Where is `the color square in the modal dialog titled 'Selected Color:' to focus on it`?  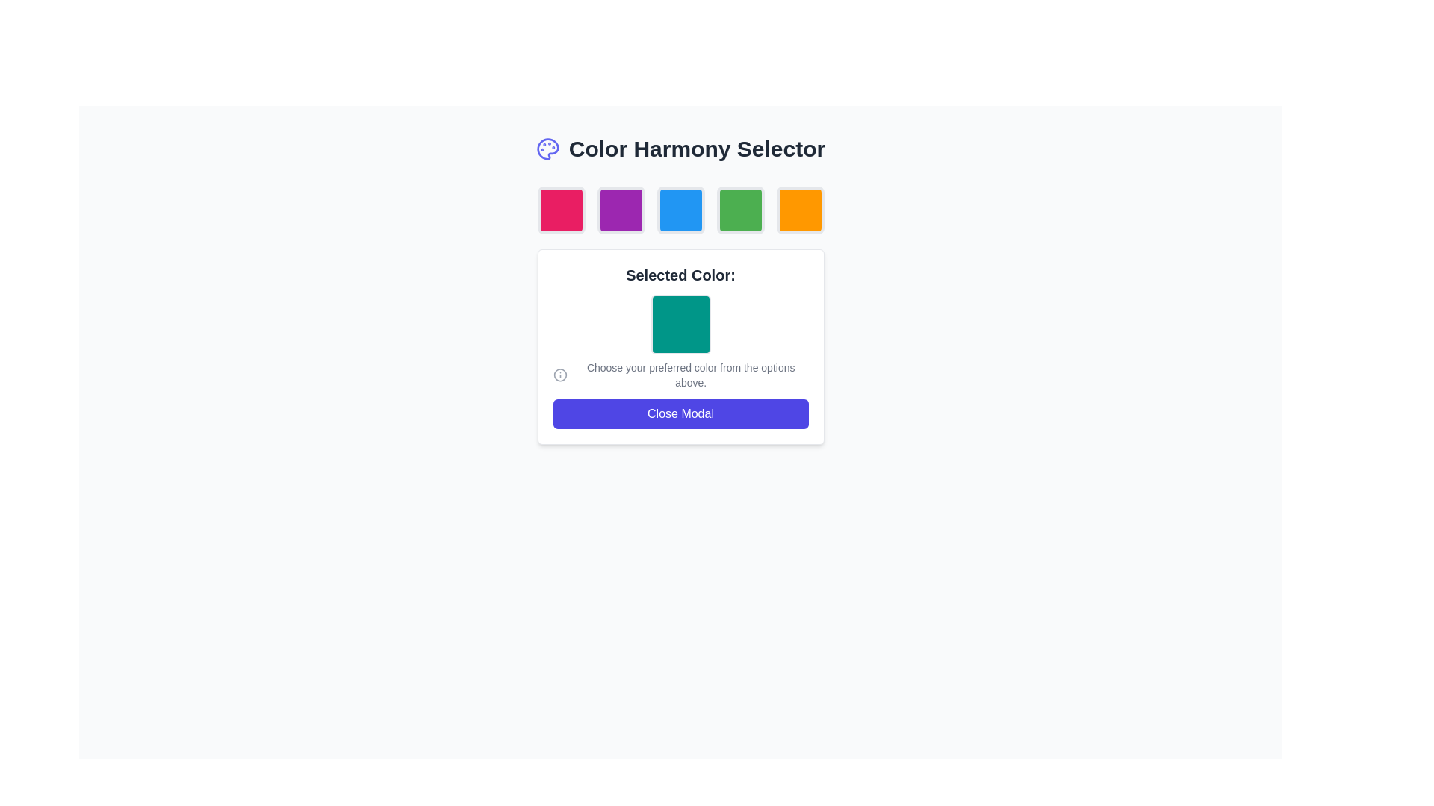 the color square in the modal dialog titled 'Selected Color:' to focus on it is located at coordinates (680, 315).